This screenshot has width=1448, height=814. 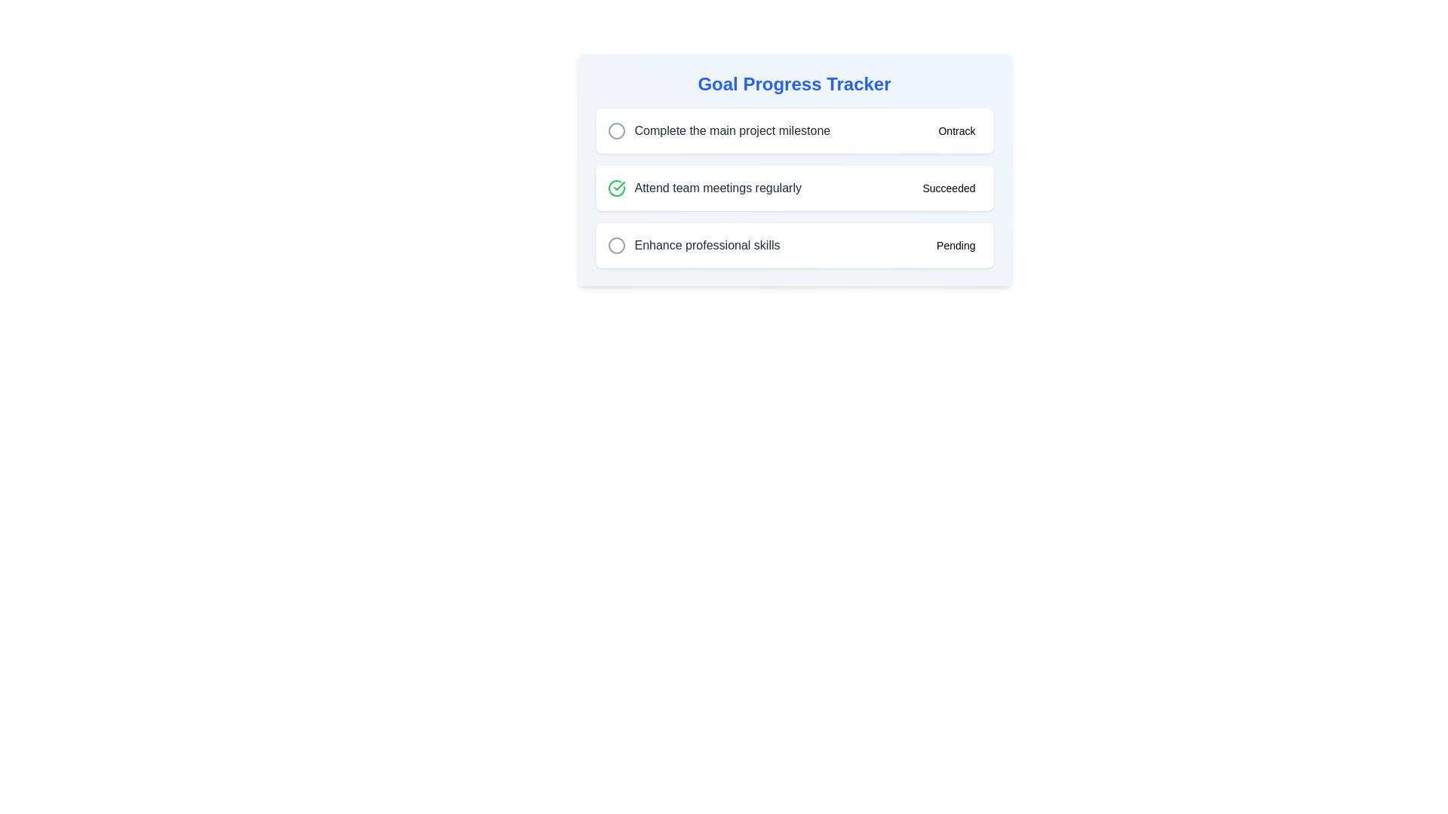 What do you see at coordinates (718, 130) in the screenshot?
I see `the task description element for 'Complete the main project milestone' in the Goal Progress Tracker to associate it with its related status` at bounding box center [718, 130].